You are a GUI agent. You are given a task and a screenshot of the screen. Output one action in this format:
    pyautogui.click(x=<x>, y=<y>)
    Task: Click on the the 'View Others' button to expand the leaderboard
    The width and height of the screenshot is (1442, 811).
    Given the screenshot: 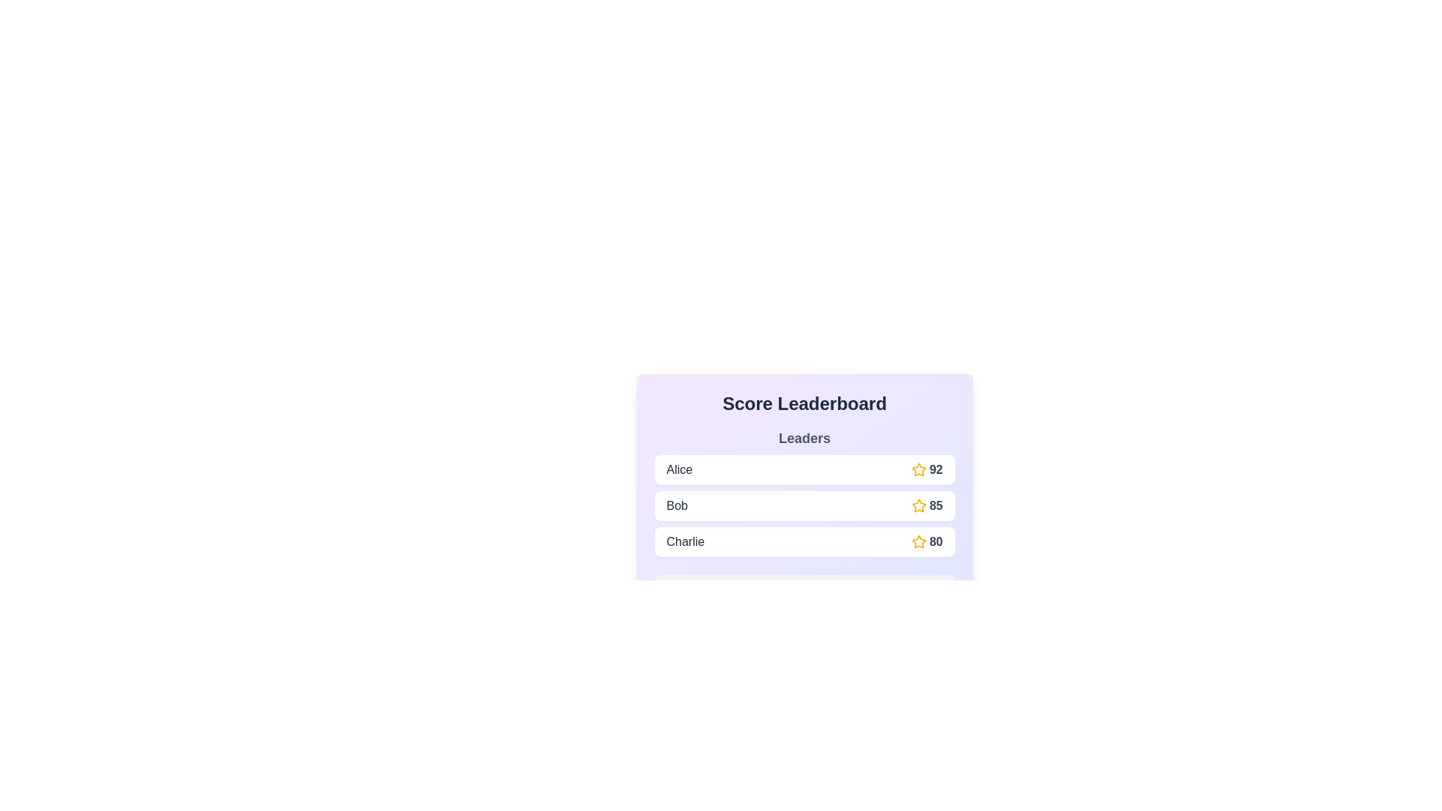 What is the action you would take?
    pyautogui.click(x=804, y=589)
    